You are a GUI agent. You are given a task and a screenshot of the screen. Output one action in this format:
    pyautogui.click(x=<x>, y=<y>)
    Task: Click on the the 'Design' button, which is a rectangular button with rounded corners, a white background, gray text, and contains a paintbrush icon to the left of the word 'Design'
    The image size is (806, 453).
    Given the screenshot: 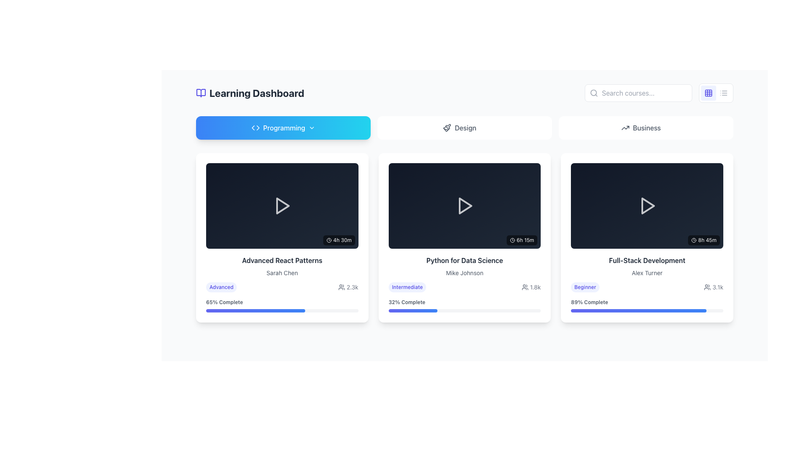 What is the action you would take?
    pyautogui.click(x=464, y=128)
    